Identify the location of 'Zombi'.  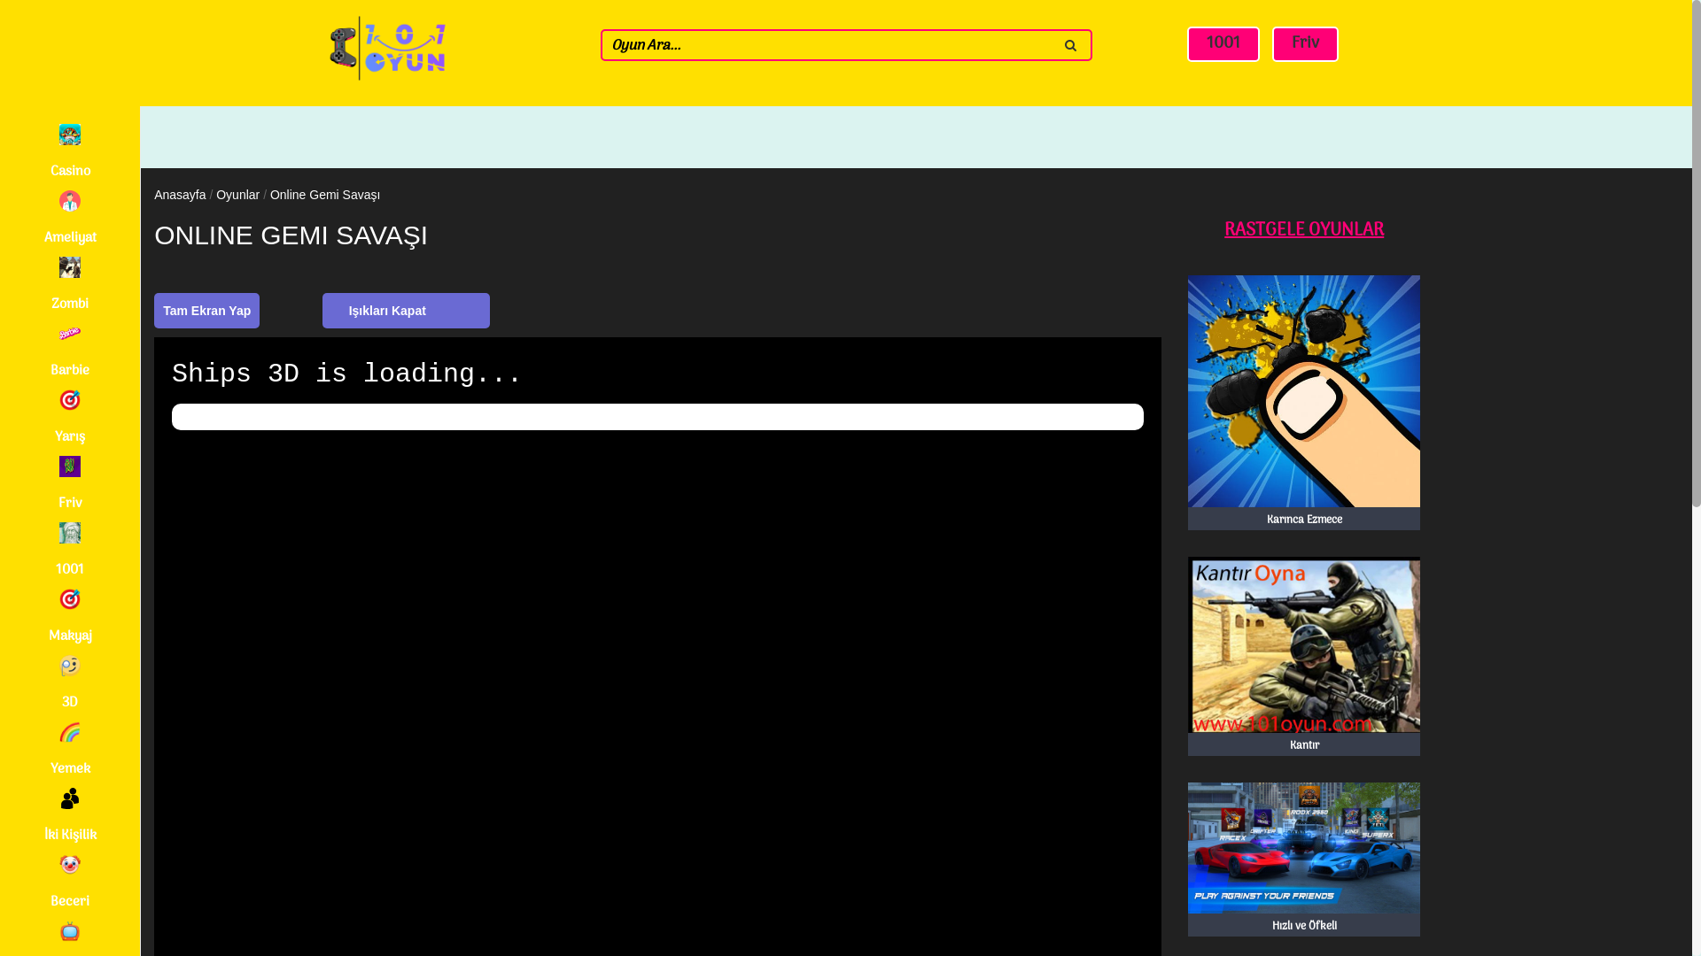
(0, 285).